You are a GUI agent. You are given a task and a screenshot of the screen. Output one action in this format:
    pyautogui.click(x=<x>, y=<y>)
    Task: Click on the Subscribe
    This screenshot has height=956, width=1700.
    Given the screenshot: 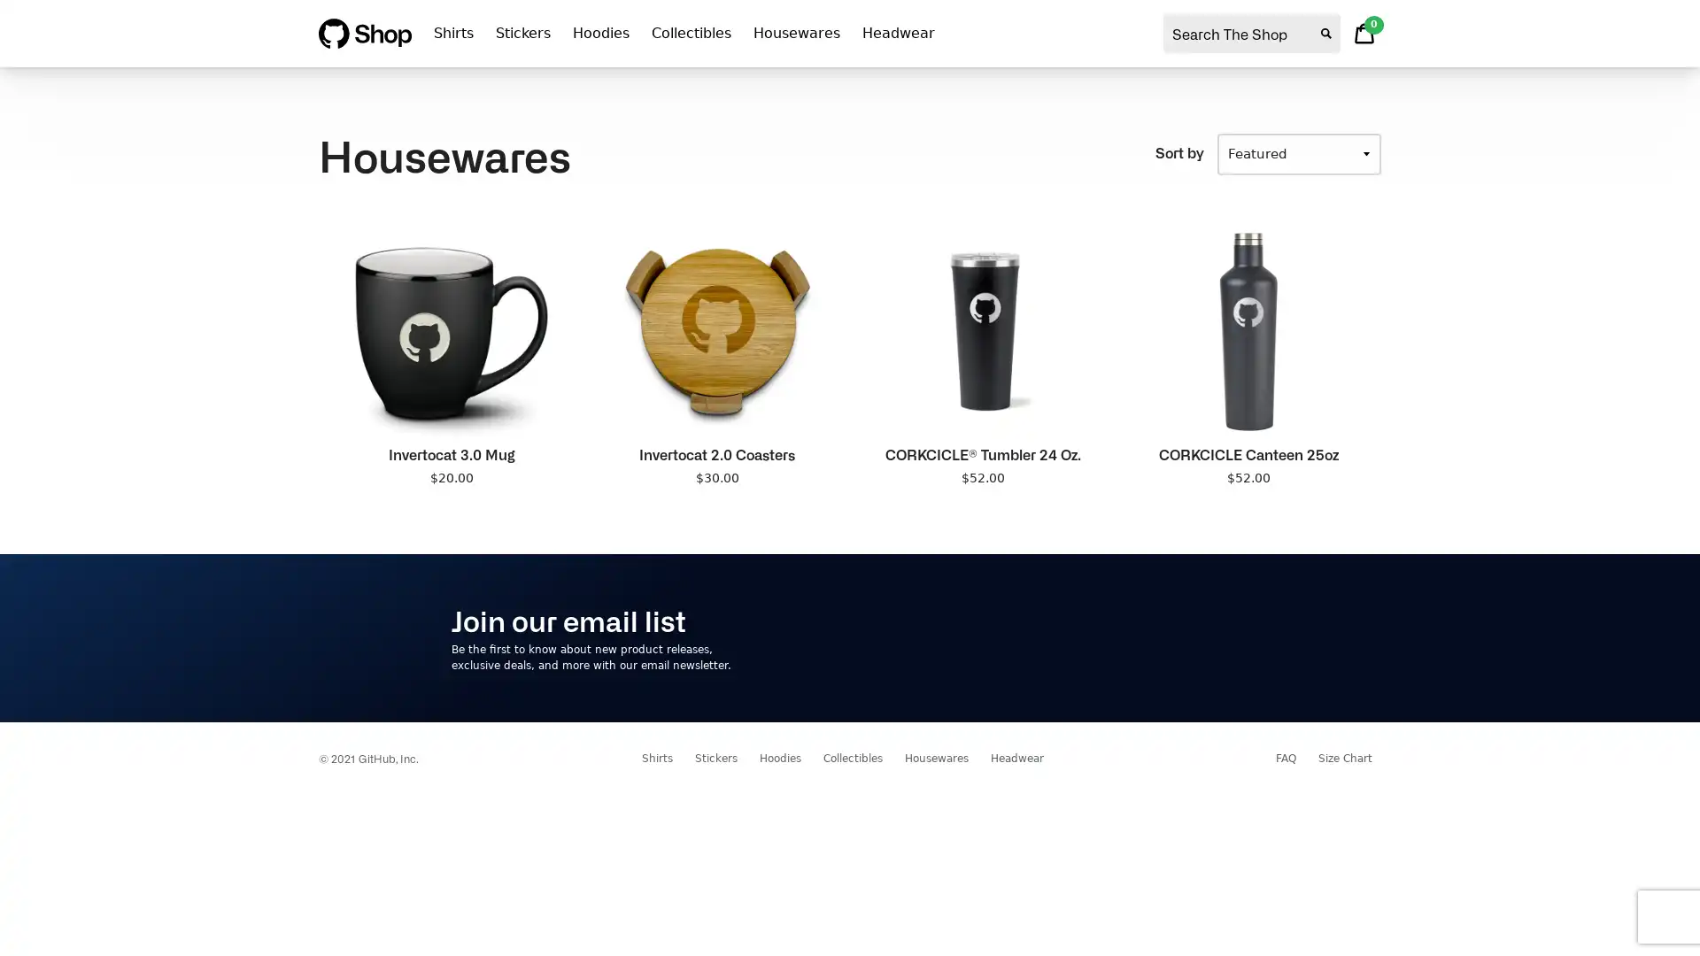 What is the action you would take?
    pyautogui.click(x=1194, y=637)
    